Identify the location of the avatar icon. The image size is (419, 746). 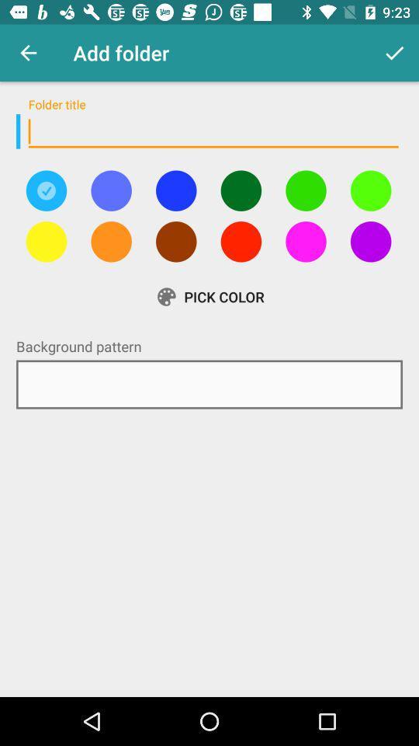
(46, 242).